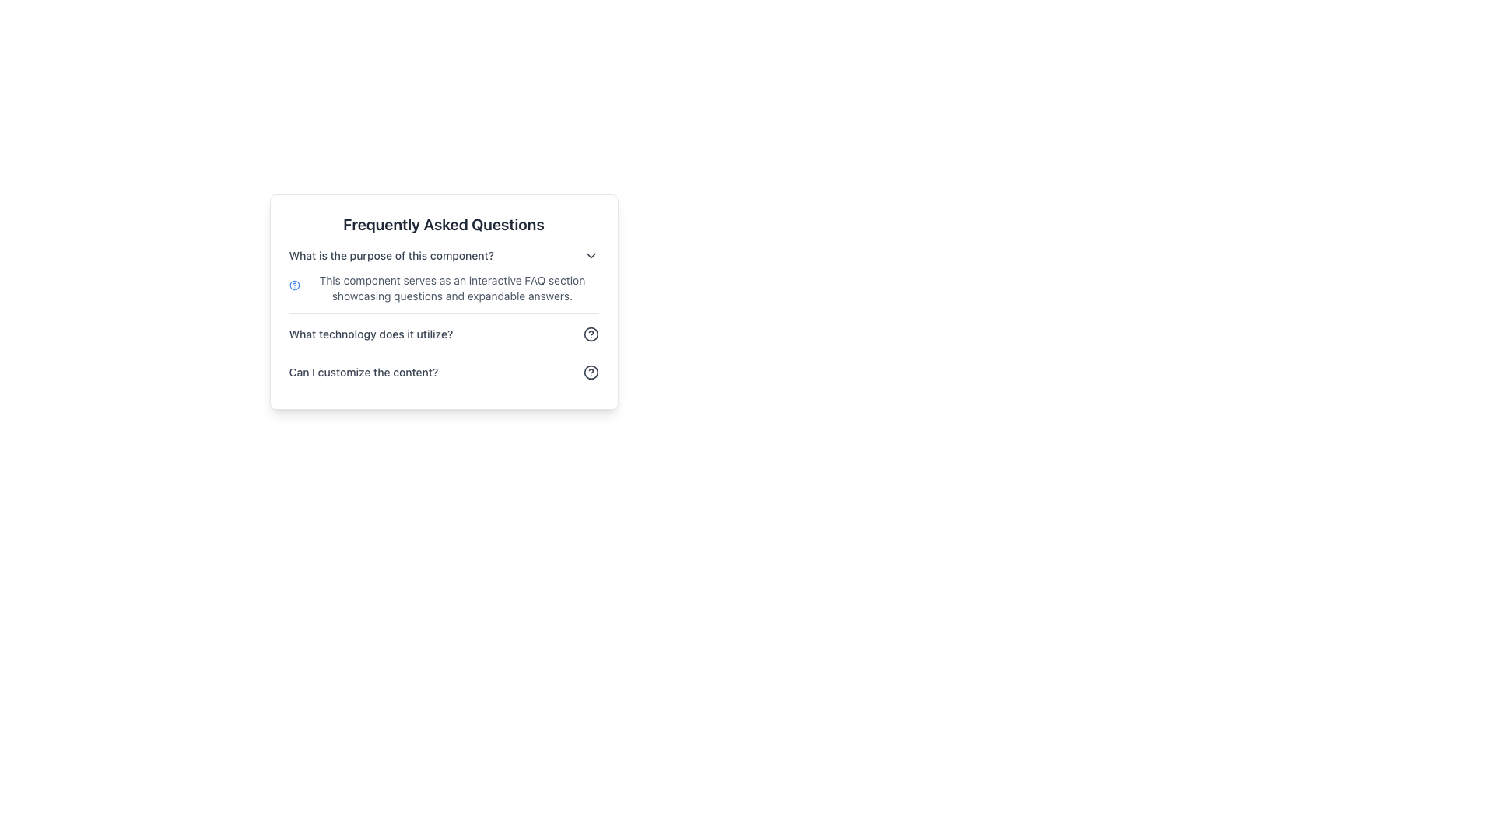  Describe the element at coordinates (590, 372) in the screenshot. I see `the question mark icon with a circular border located to the right of the text 'Can I customize the content?' in the FAQ section` at that location.